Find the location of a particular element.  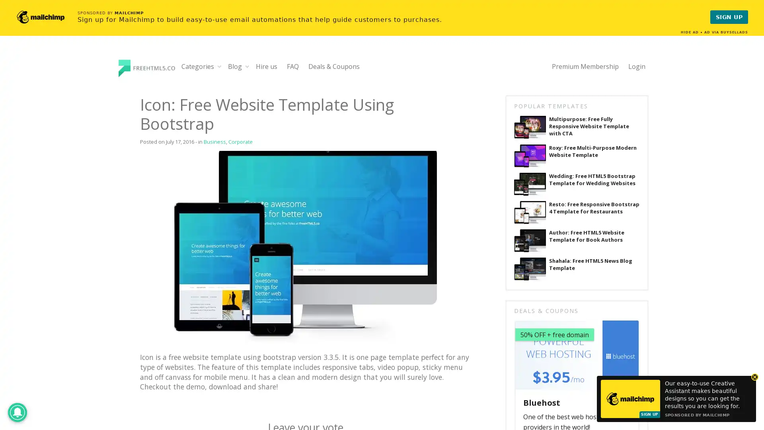

Expand child menu is located at coordinates (219, 66).